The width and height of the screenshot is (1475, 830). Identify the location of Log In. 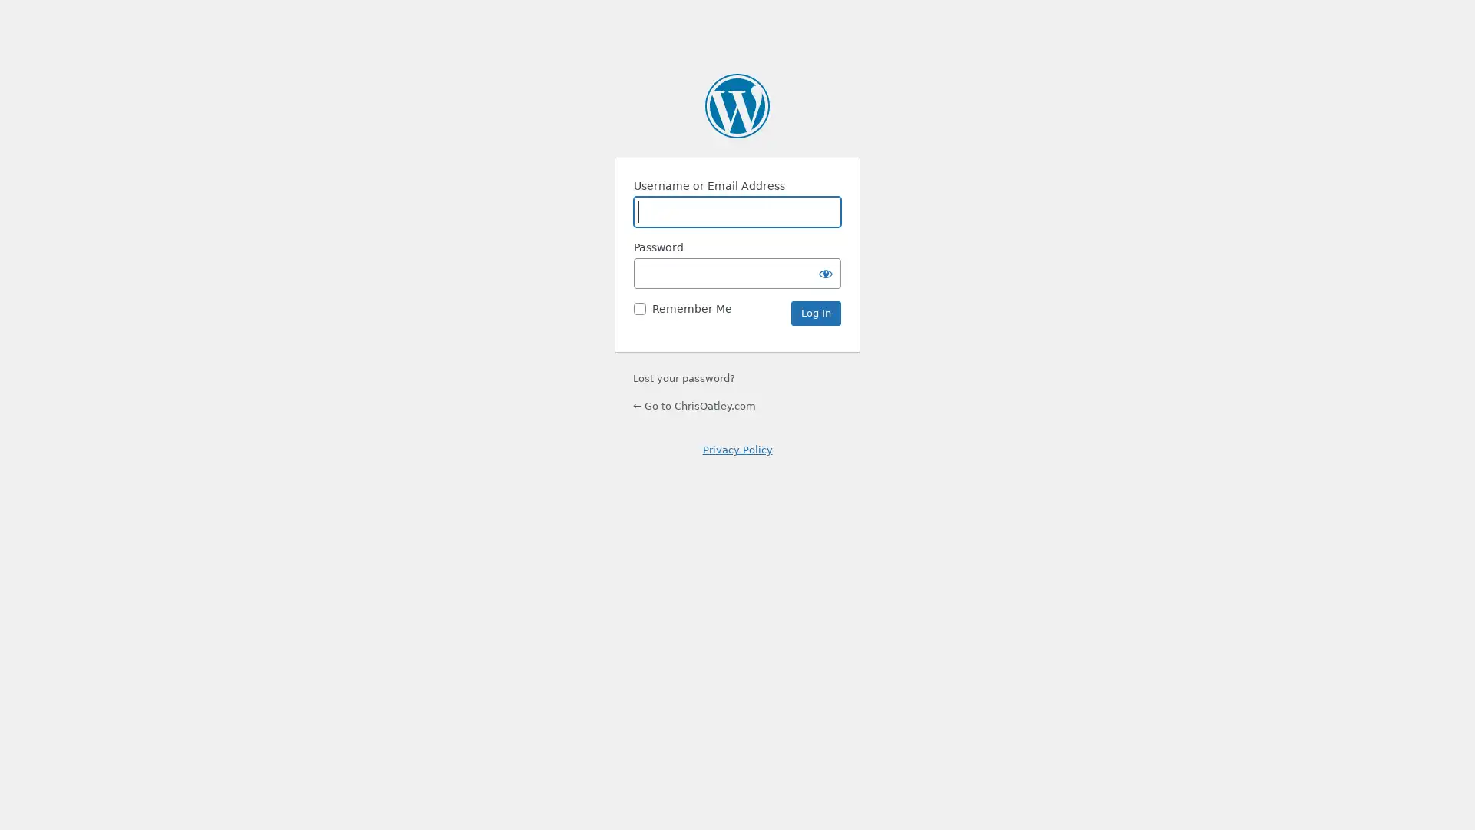
(815, 313).